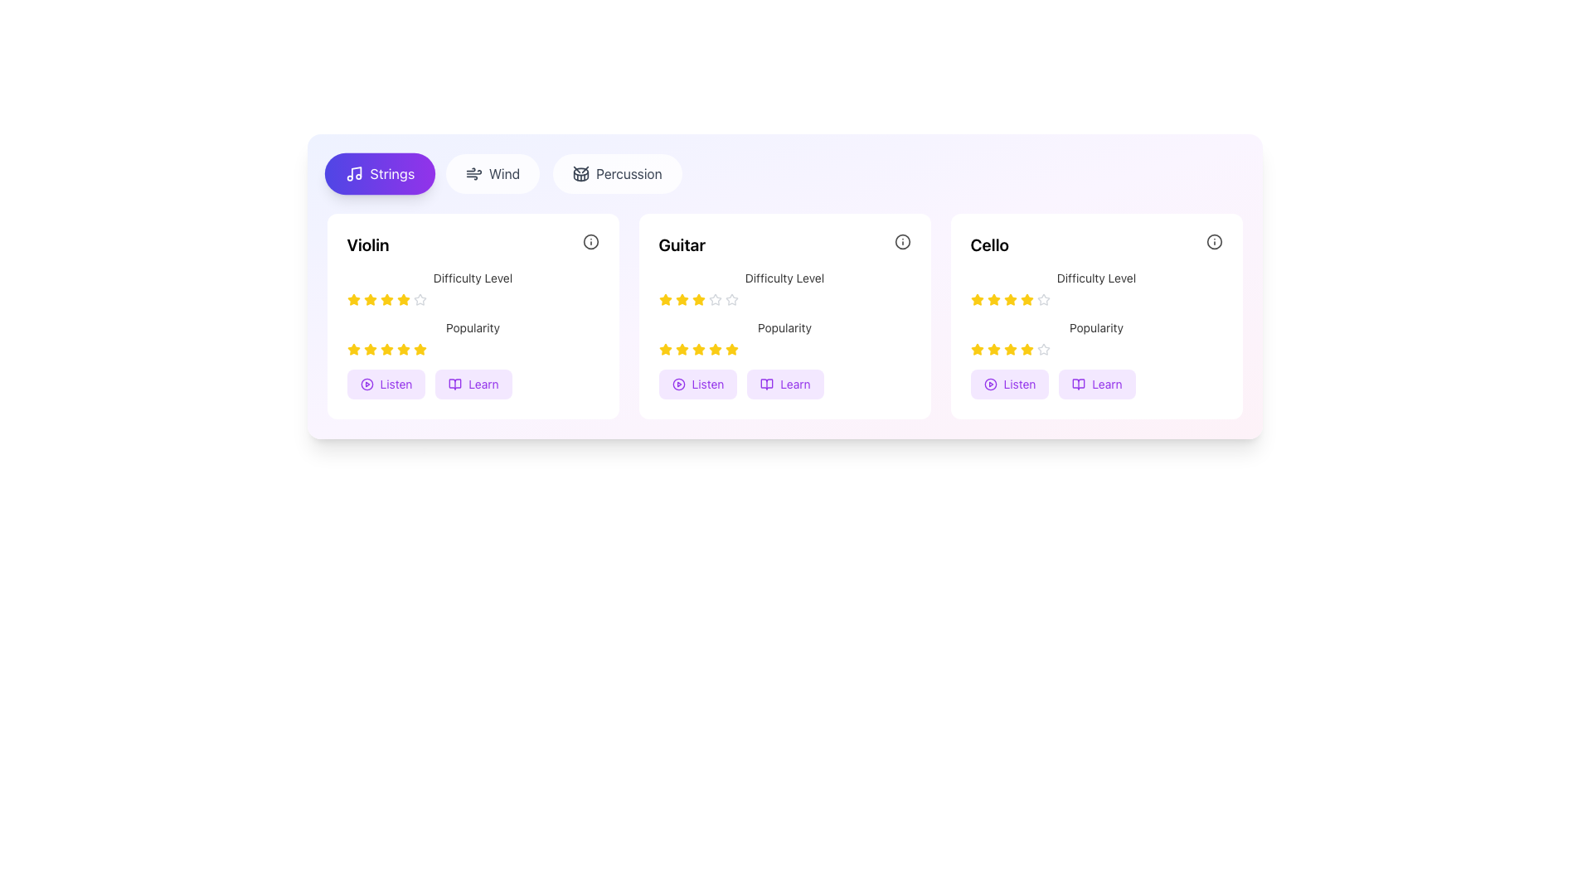 Image resolution: width=1592 pixels, height=895 pixels. I want to click on the rightmost button in the button group that initiates a learning action related to the 'Violin' topic, so click(483, 384).